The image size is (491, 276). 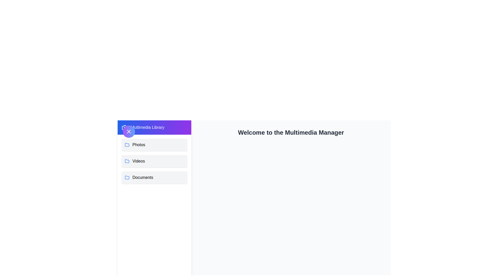 I want to click on the category Videos from the menu, so click(x=154, y=161).